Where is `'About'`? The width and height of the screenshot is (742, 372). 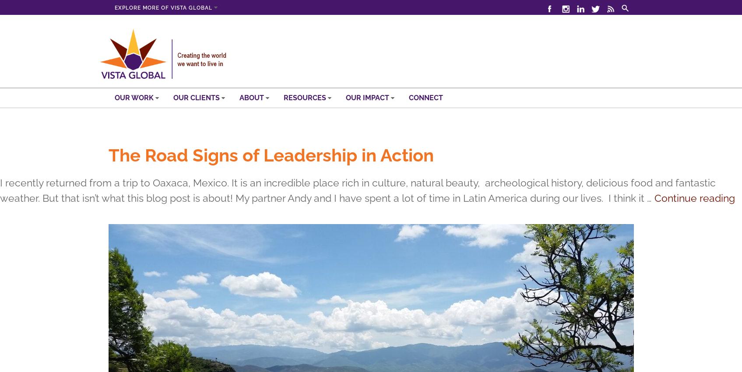 'About' is located at coordinates (252, 97).